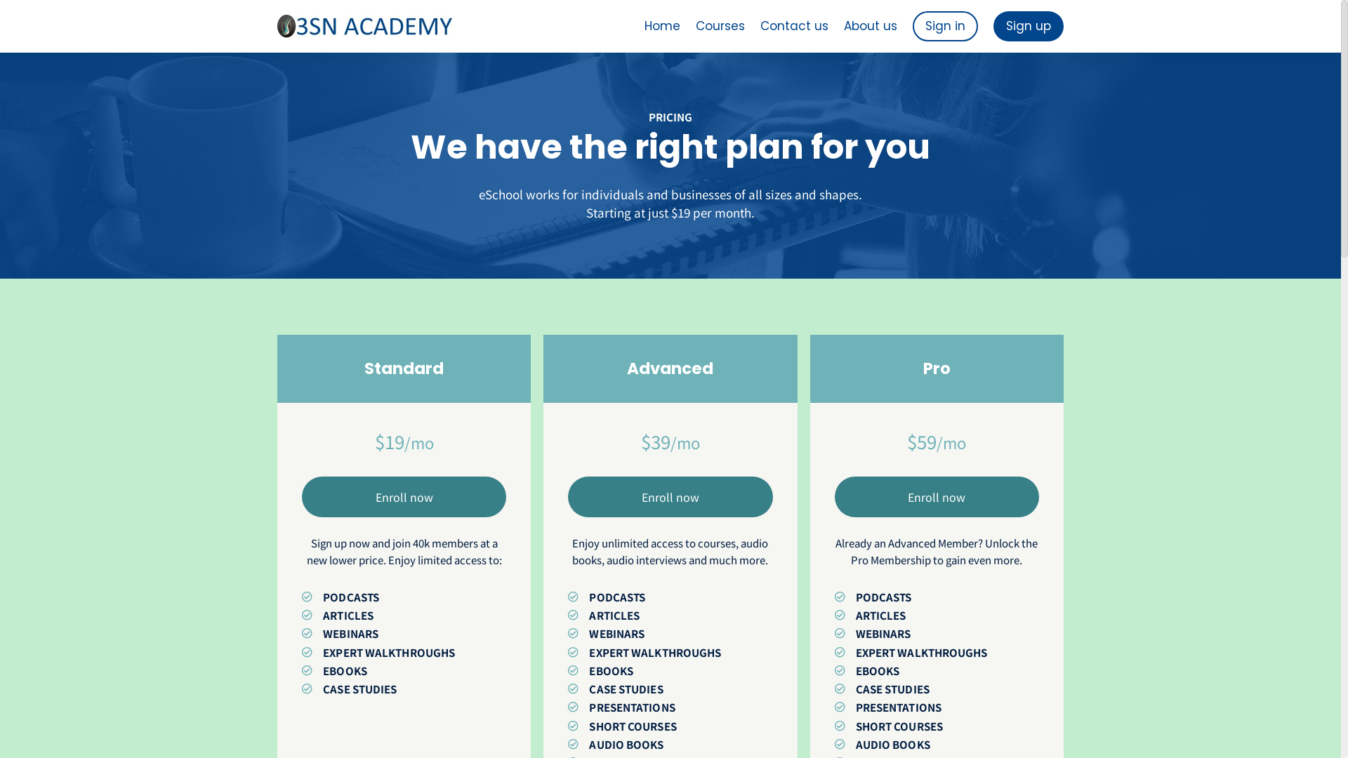 The height and width of the screenshot is (758, 1348). Describe the element at coordinates (661, 26) in the screenshot. I see `'Home'` at that location.